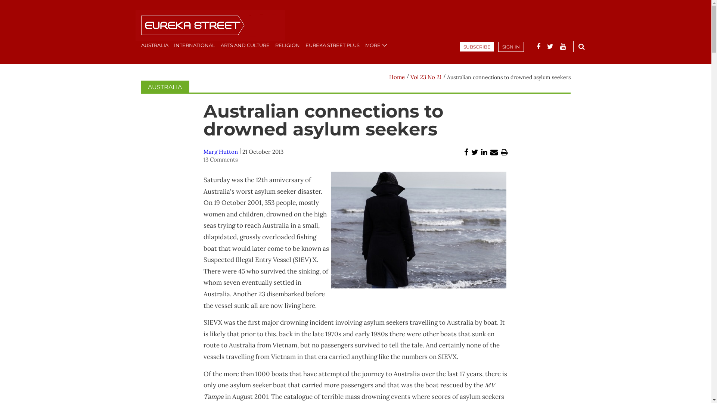  What do you see at coordinates (498, 47) in the screenshot?
I see `'SIGN IN'` at bounding box center [498, 47].